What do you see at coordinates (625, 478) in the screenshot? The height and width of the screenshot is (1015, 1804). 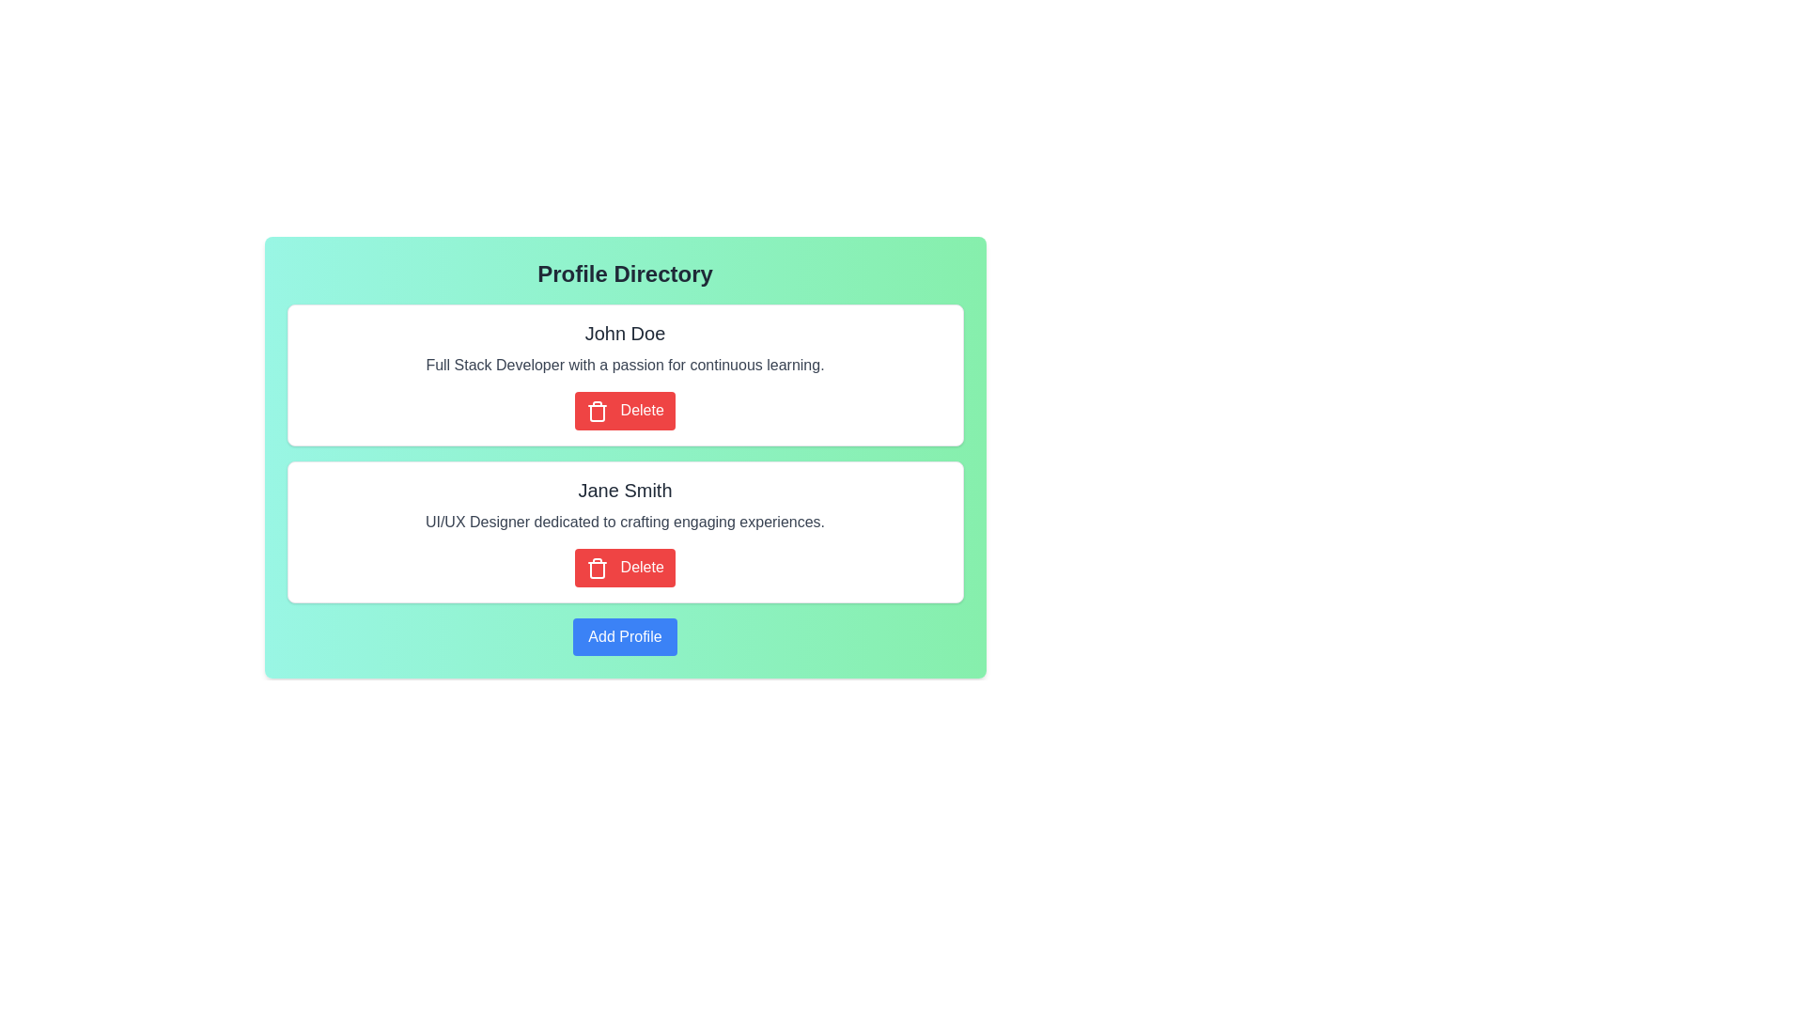 I see `the text 'Jane Smith' displayed in bold style in the second profile card under the 'Profile Directory' title` at bounding box center [625, 478].